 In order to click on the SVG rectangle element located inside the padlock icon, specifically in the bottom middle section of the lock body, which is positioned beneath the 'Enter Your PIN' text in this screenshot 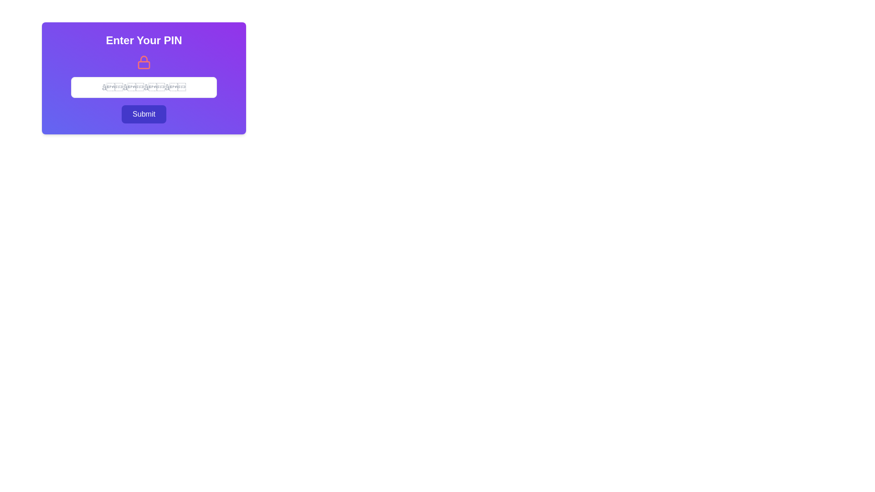, I will do `click(144, 64)`.